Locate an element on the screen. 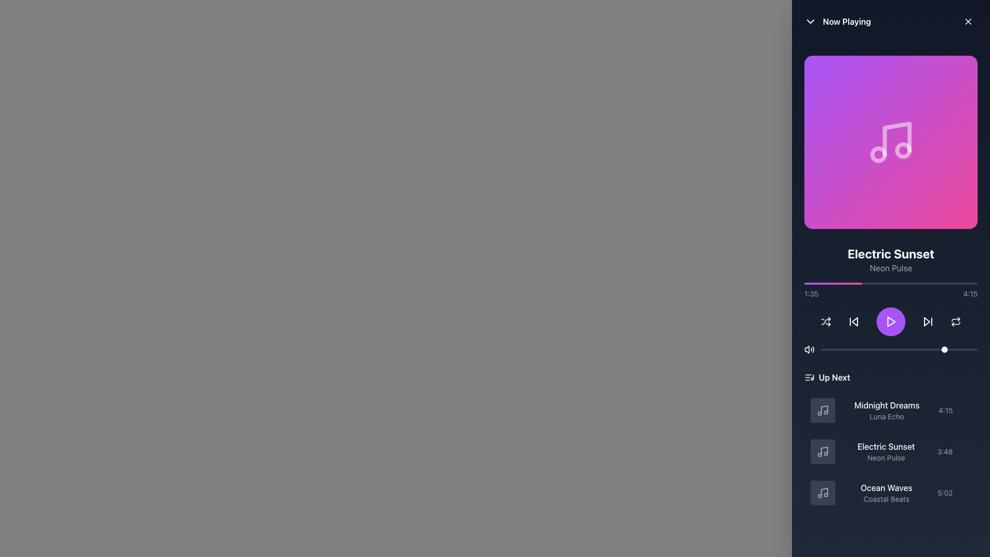 This screenshot has height=557, width=990. the Icon element representing the song entry 'Midnight Dreams' by 'Luna Echo' with a duration of '4:15' is located at coordinates (822, 409).